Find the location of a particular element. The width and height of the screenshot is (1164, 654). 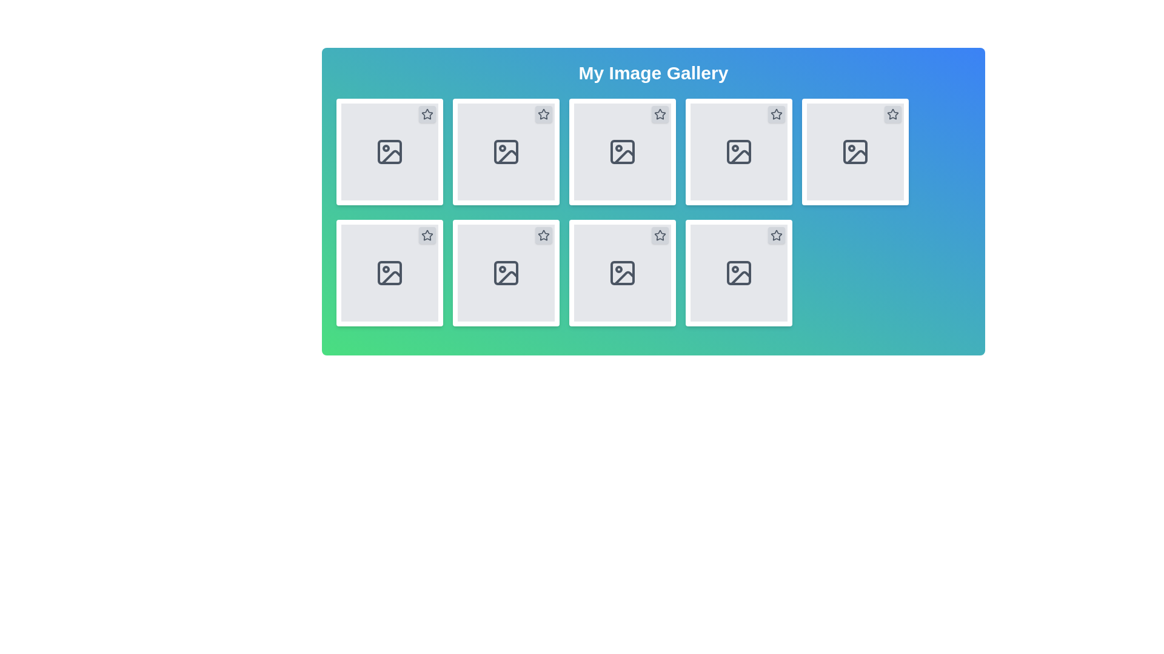

the star-shaped icon in the upper-right corner of the sixth image placeholder is located at coordinates (543, 235).